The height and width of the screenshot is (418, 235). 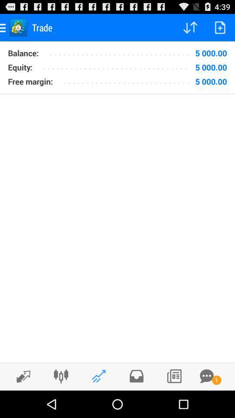 What do you see at coordinates (206, 376) in the screenshot?
I see `chat link` at bounding box center [206, 376].